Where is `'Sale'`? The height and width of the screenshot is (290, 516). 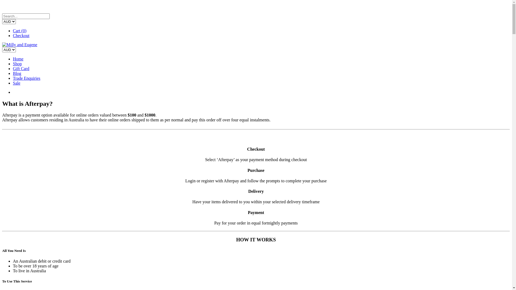
'Sale' is located at coordinates (17, 83).